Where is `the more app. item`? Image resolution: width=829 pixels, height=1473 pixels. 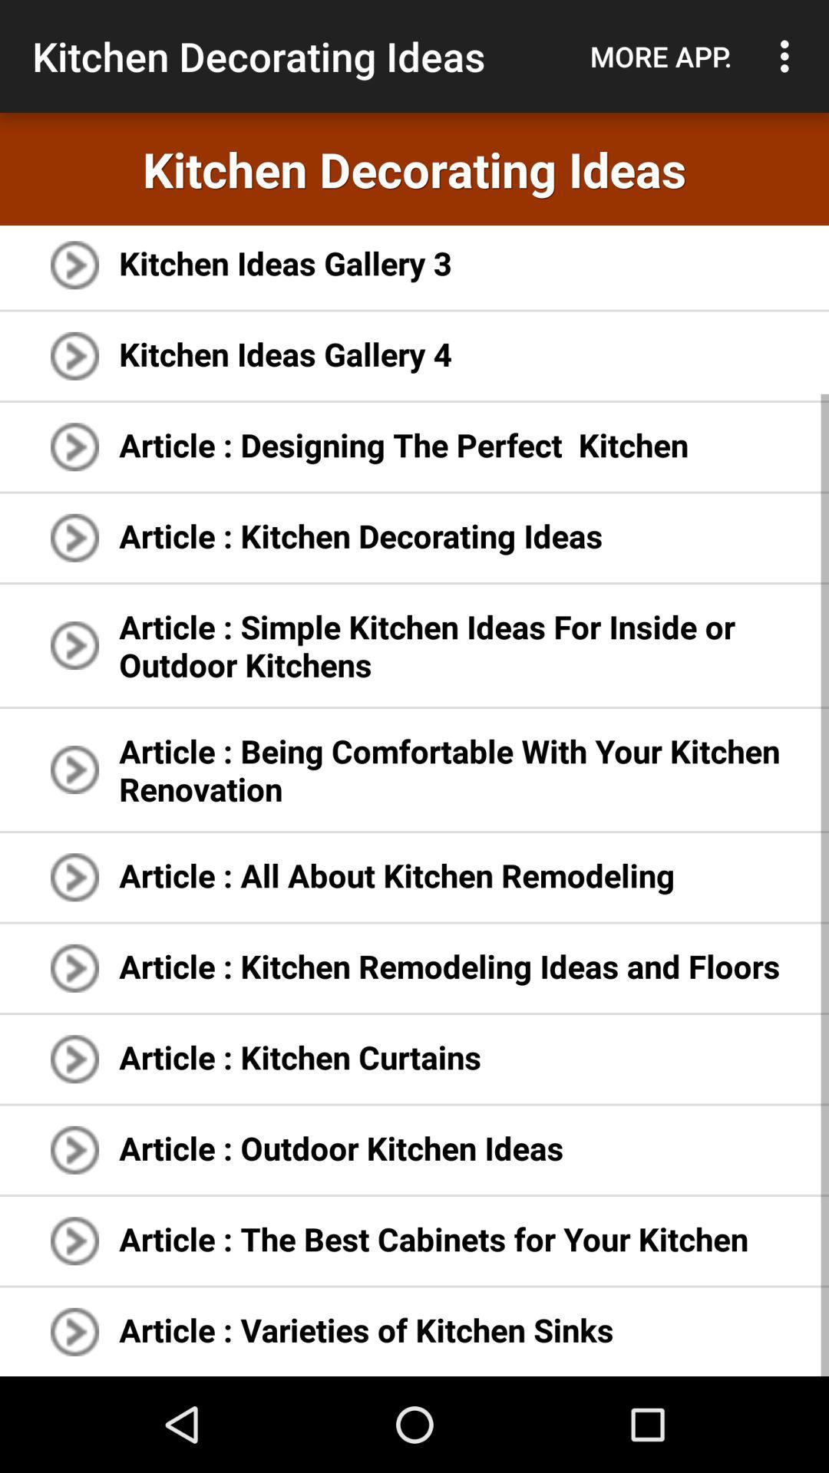
the more app. item is located at coordinates (660, 56).